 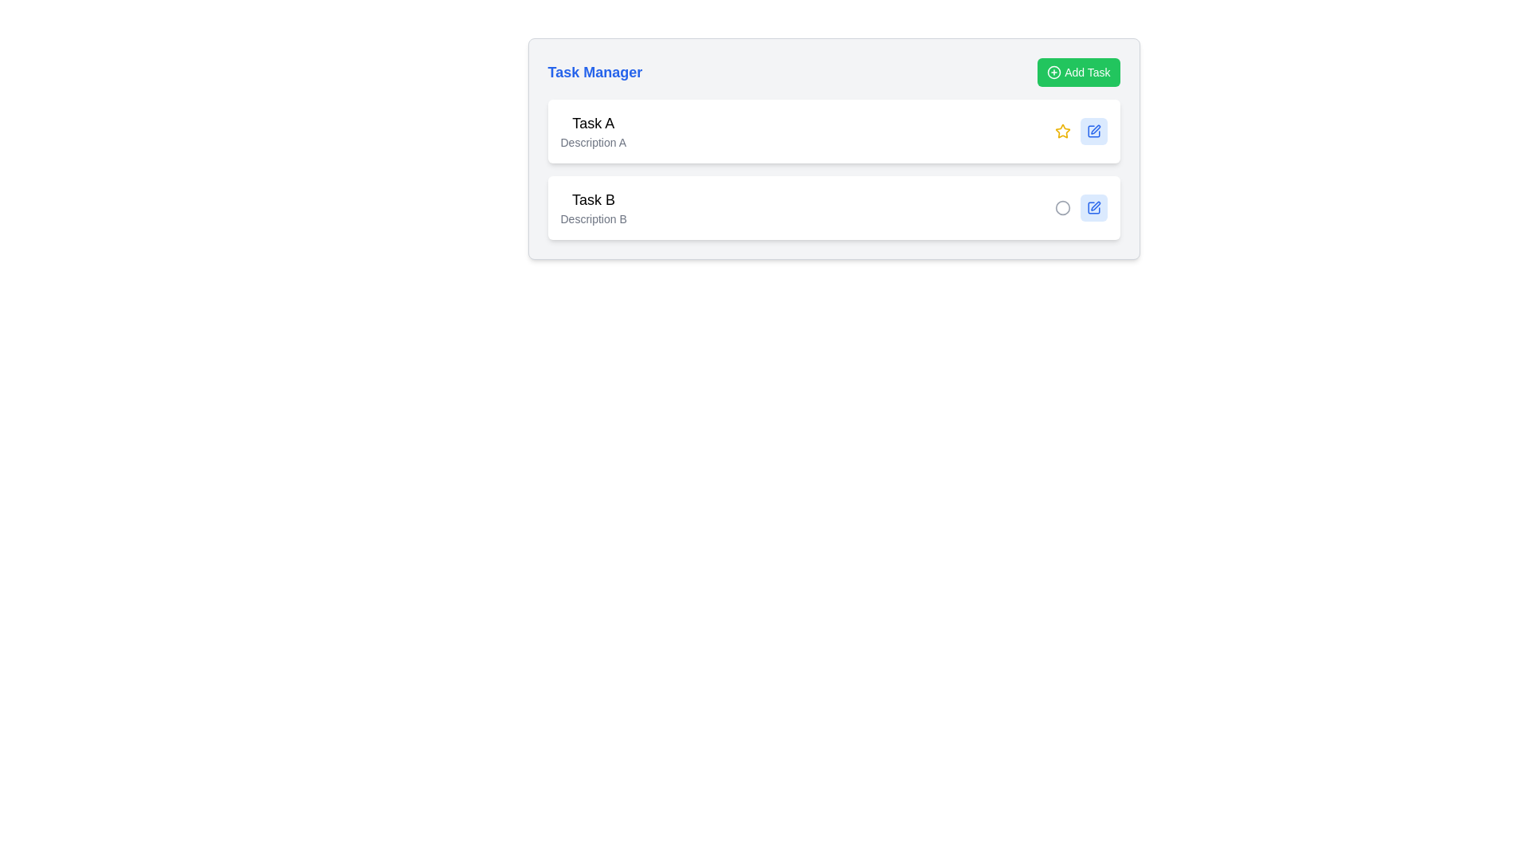 I want to click on the Text label that serves as the title or identifier for the task, positioned in the upper-left section of the interface, so click(x=592, y=122).